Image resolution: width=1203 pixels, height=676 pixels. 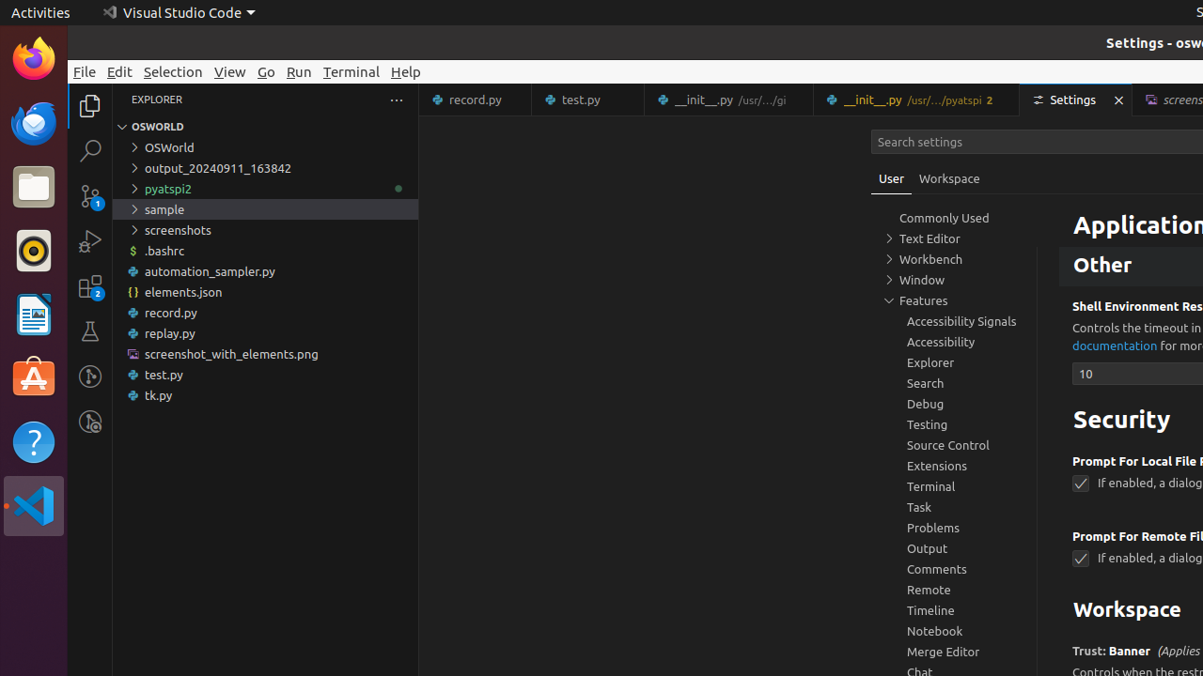 I want to click on 'screenshot_with_elements.png', so click(x=264, y=353).